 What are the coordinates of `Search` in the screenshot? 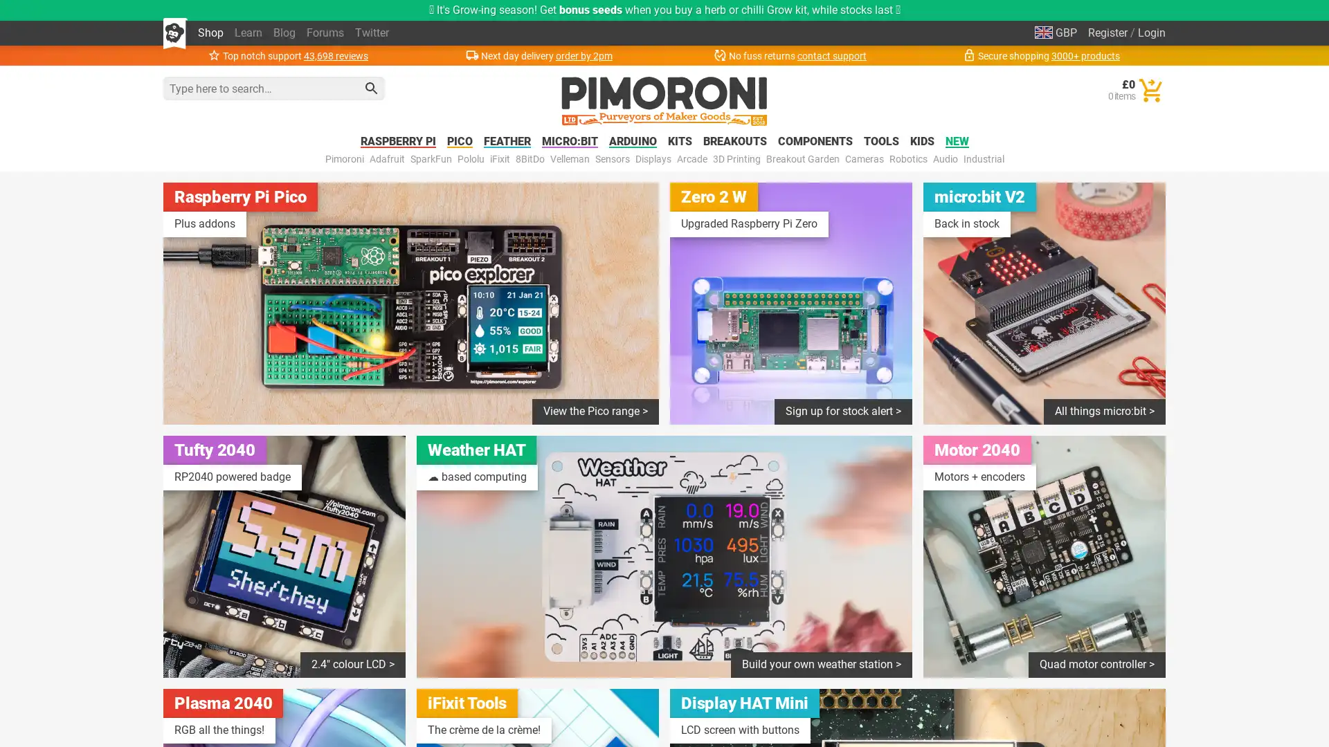 It's located at (372, 88).